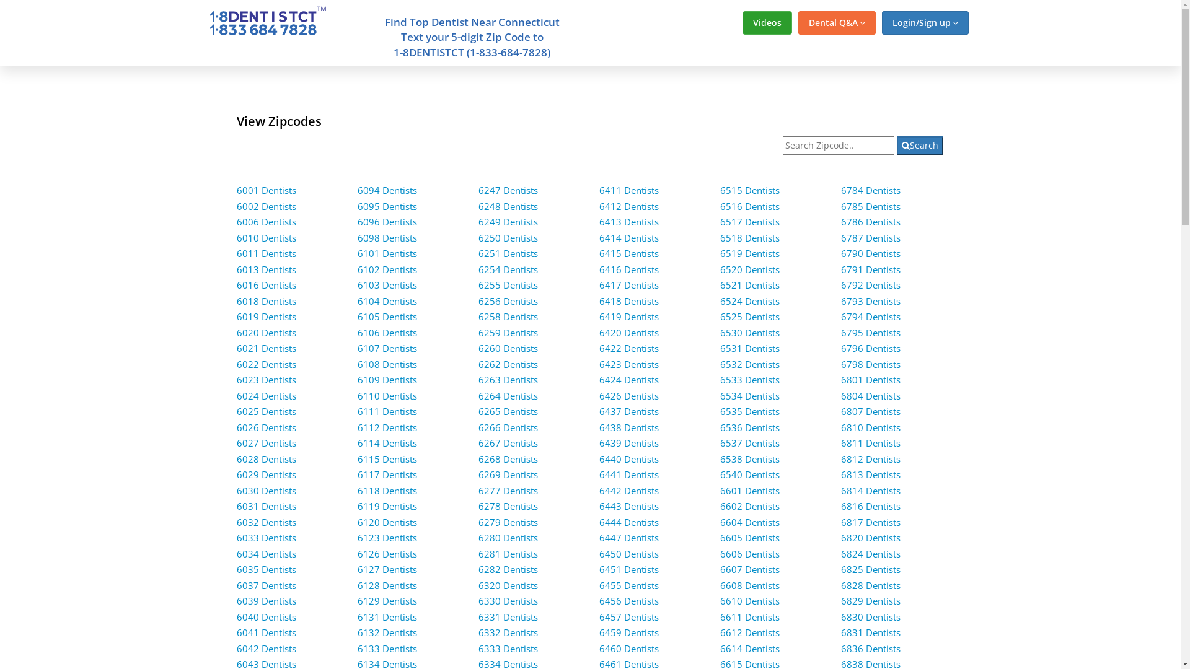  What do you see at coordinates (870, 284) in the screenshot?
I see `'6792 Dentists'` at bounding box center [870, 284].